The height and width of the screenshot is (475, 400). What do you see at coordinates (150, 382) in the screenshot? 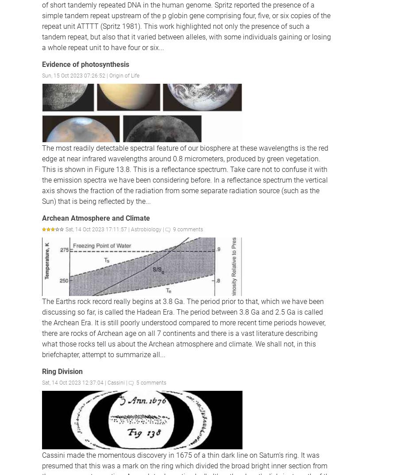
I see `'5 comments'` at bounding box center [150, 382].